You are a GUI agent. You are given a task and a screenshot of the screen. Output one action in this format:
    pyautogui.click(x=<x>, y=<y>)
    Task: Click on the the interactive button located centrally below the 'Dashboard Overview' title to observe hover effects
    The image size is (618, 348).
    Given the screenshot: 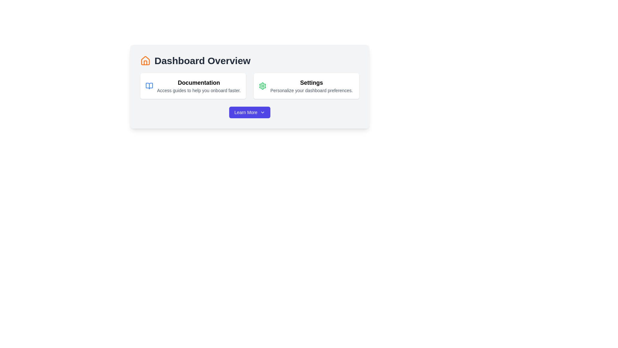 What is the action you would take?
    pyautogui.click(x=249, y=112)
    